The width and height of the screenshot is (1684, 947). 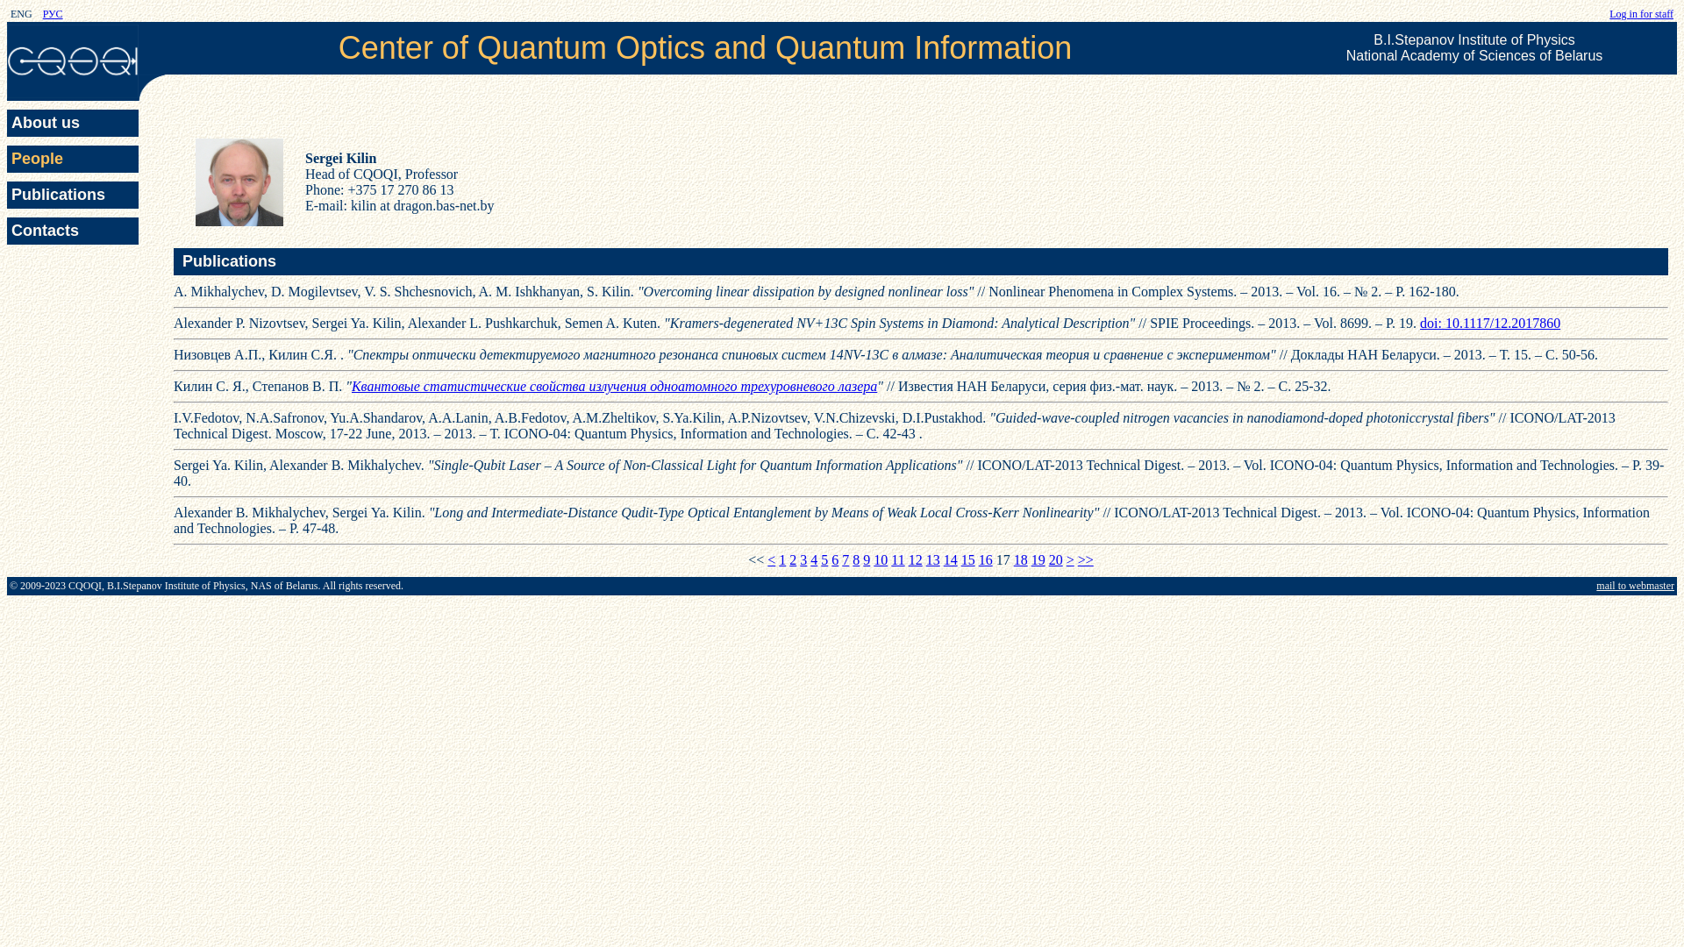 What do you see at coordinates (1065, 559) in the screenshot?
I see `'>'` at bounding box center [1065, 559].